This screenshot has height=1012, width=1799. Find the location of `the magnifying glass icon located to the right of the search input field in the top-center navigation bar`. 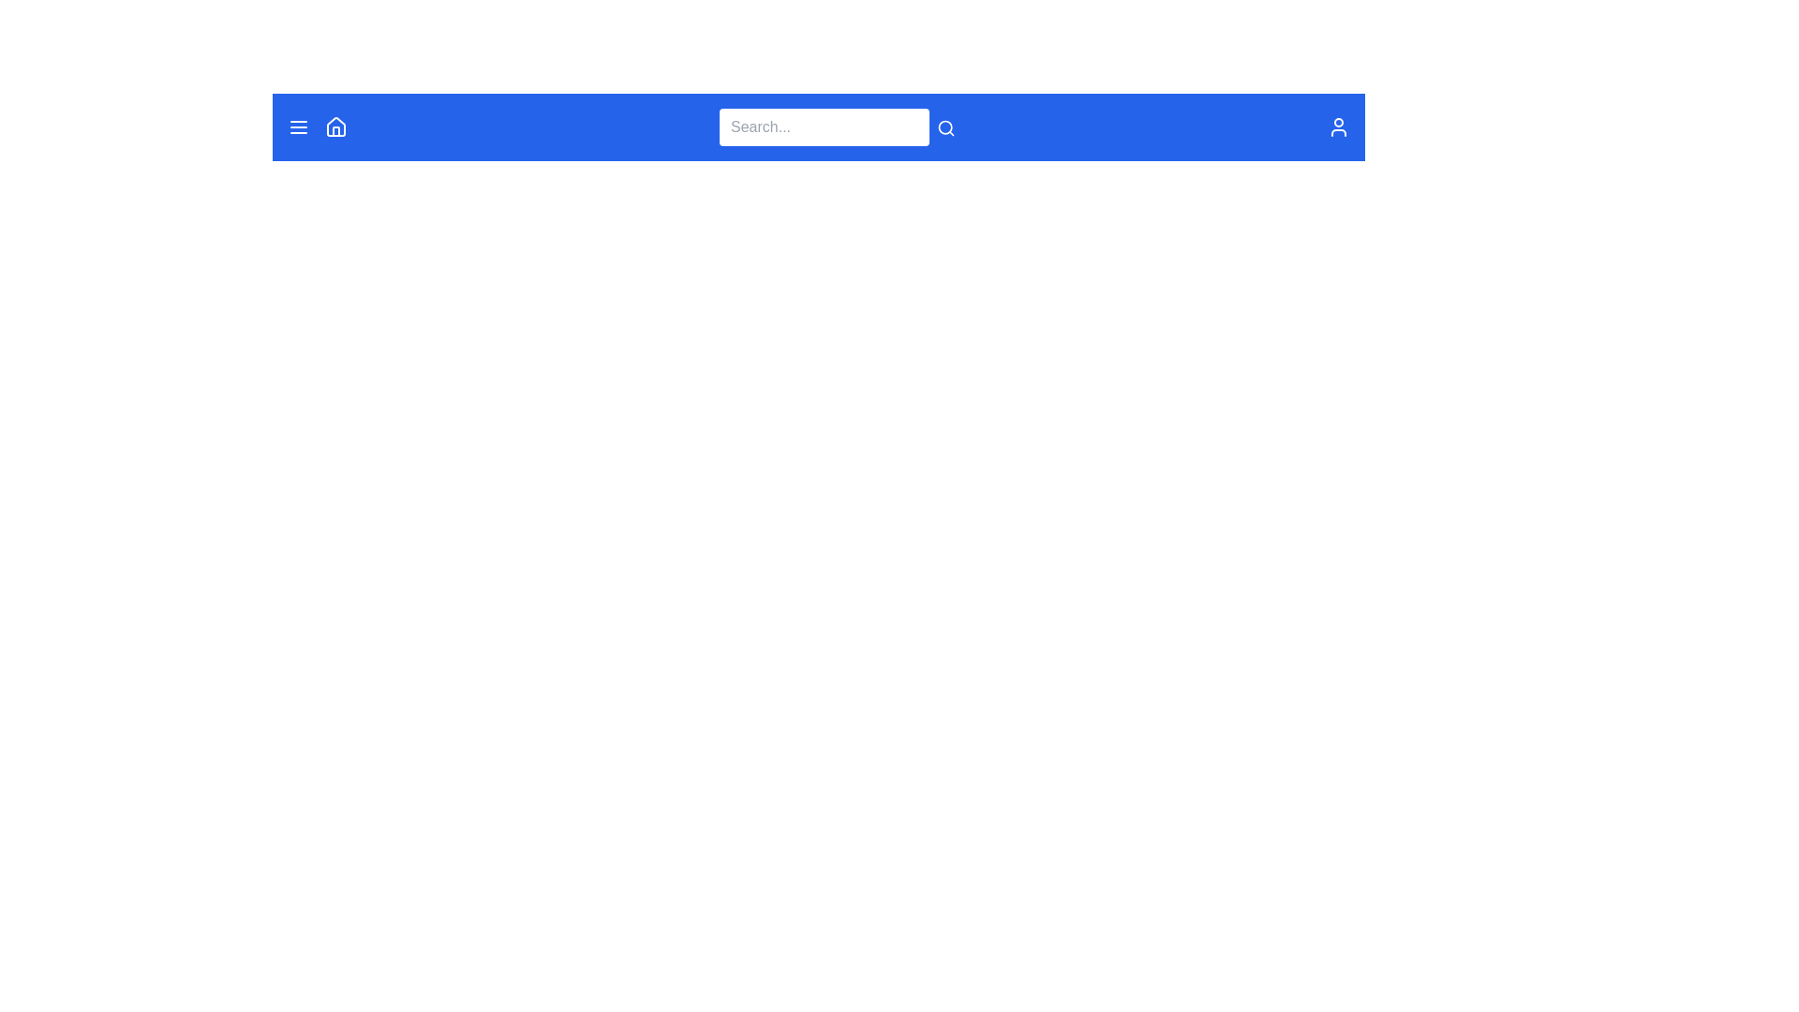

the magnifying glass icon located to the right of the search input field in the top-center navigation bar is located at coordinates (945, 126).